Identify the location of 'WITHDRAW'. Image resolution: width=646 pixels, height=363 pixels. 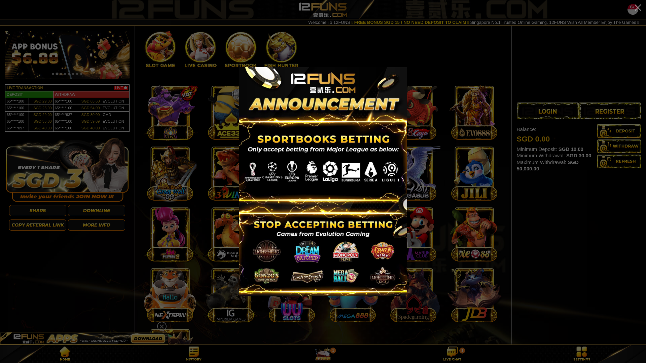
(619, 146).